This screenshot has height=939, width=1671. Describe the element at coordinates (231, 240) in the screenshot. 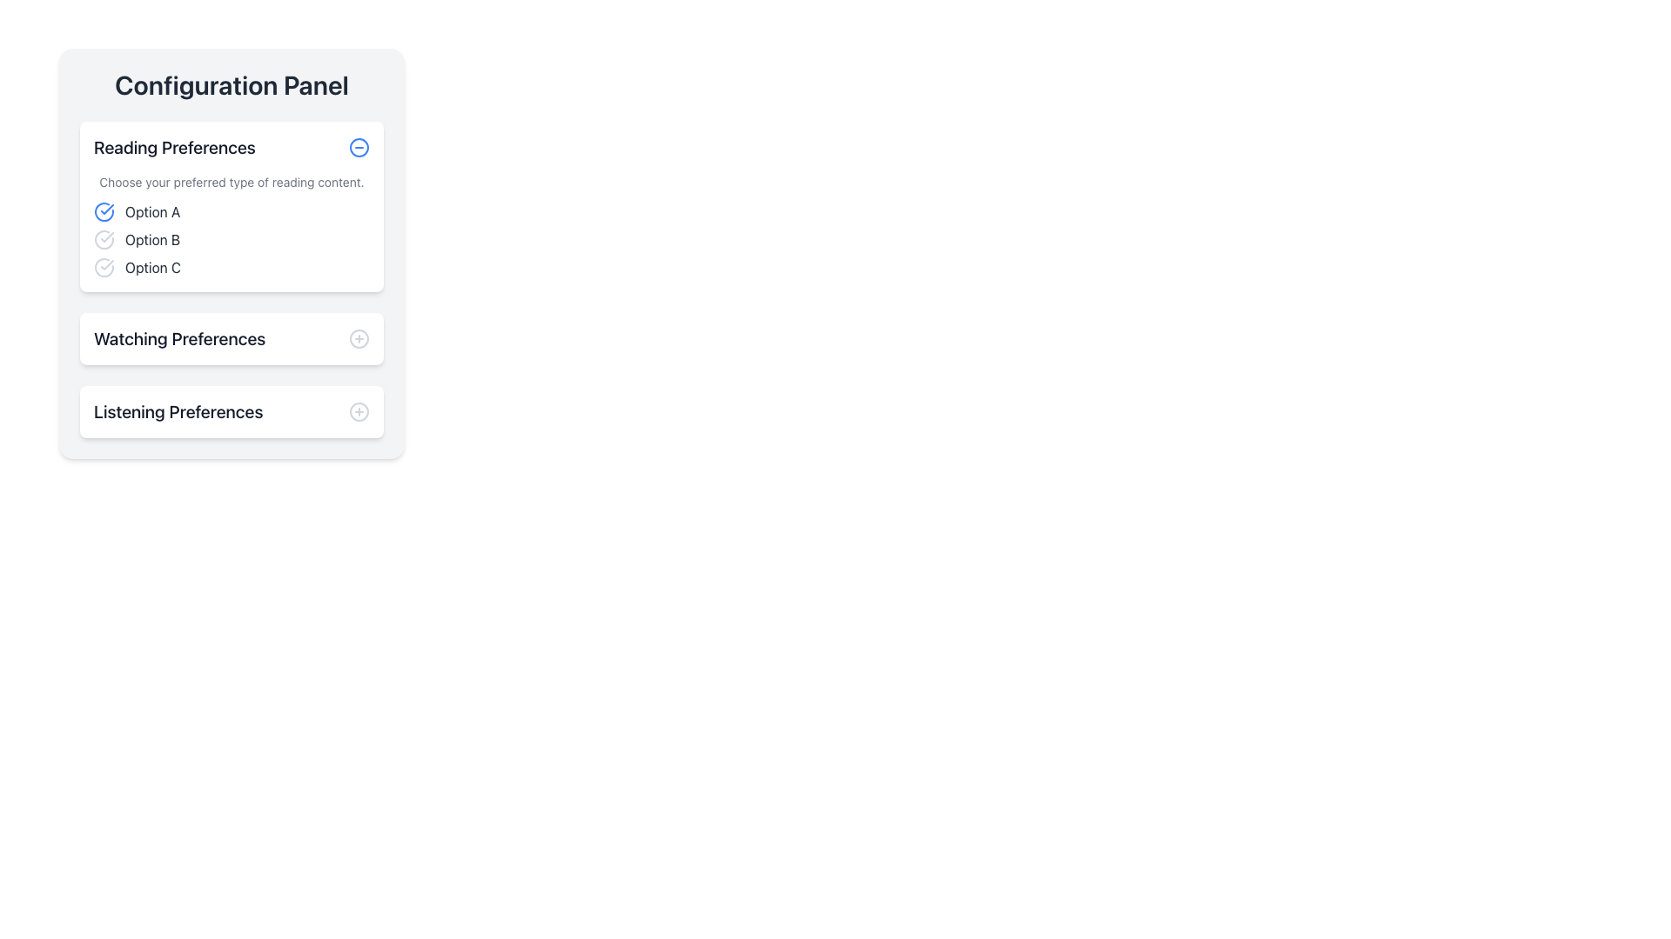

I see `the Radio Button labeled 'Option B' in the 'Reading Preferences' section` at that location.